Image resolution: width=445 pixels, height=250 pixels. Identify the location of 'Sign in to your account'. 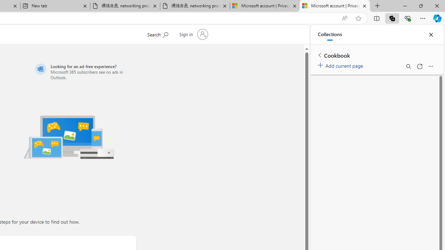
(193, 34).